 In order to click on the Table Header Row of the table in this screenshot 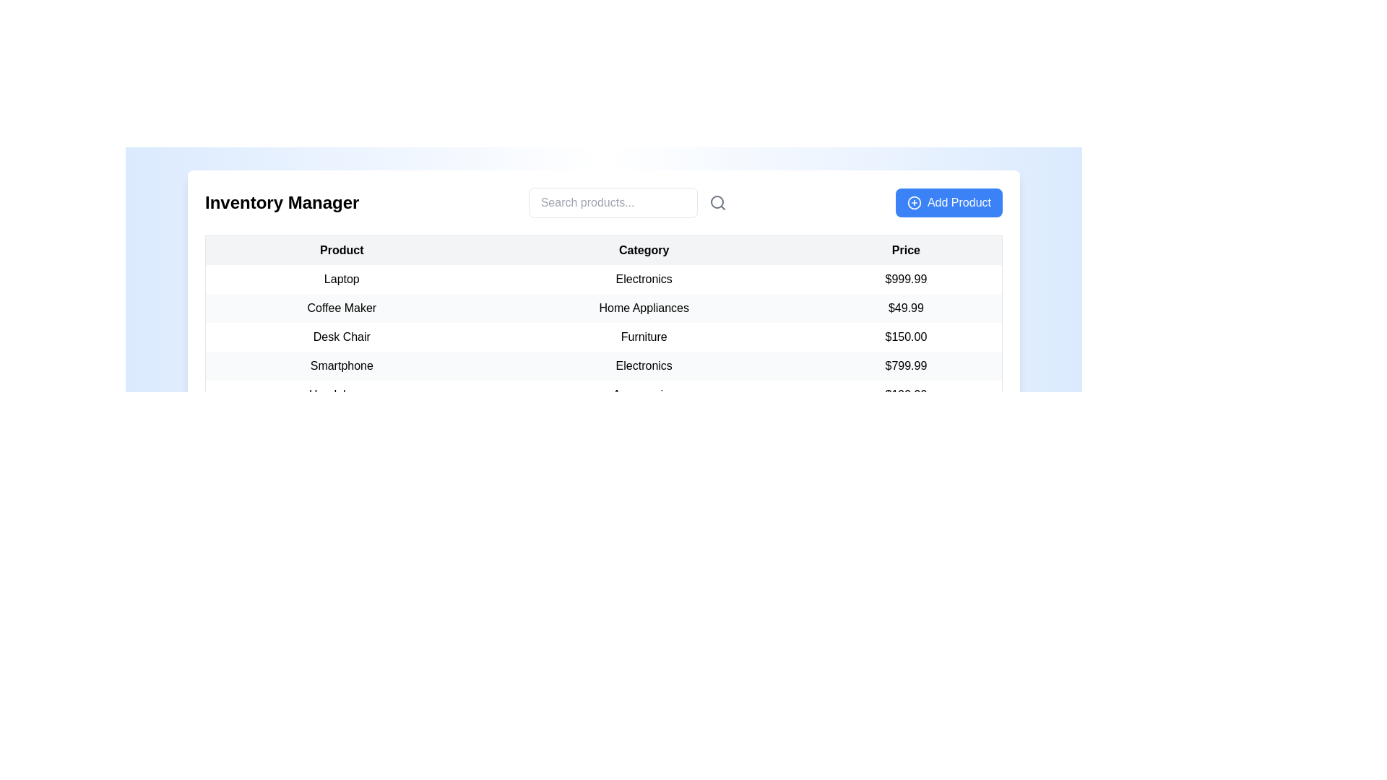, I will do `click(603, 249)`.